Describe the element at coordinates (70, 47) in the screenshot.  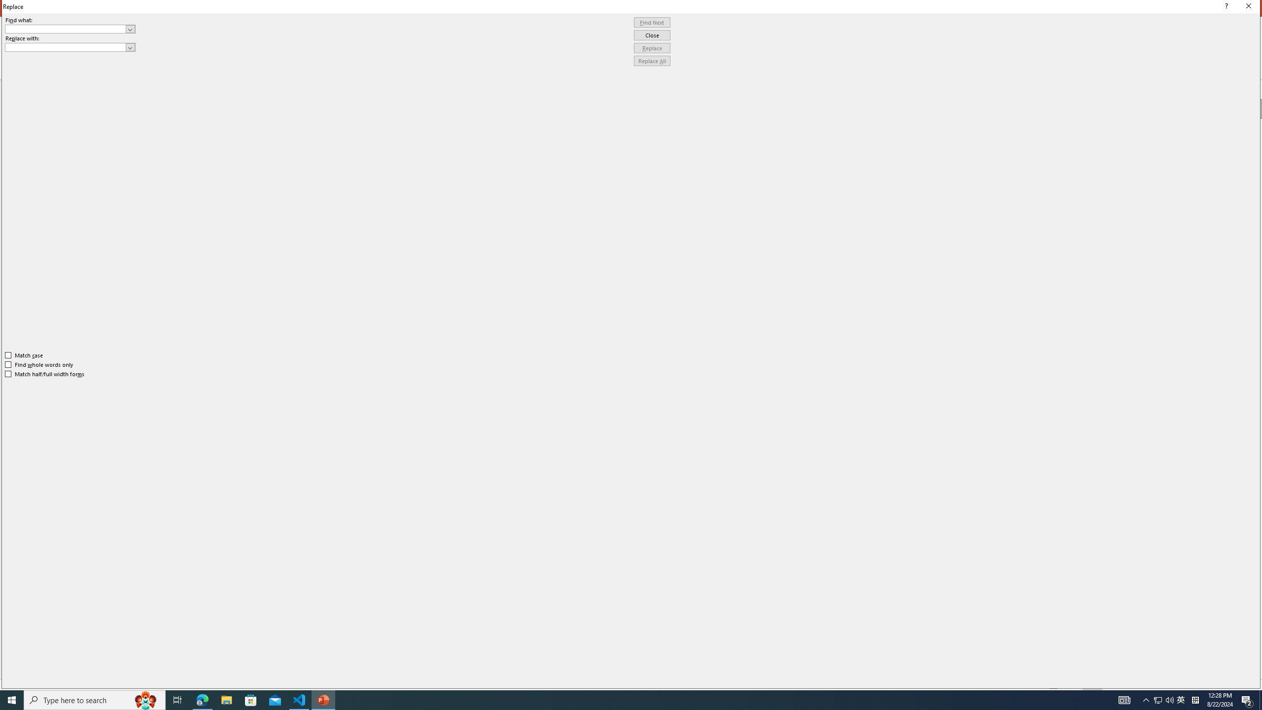
I see `'Replace with'` at that location.